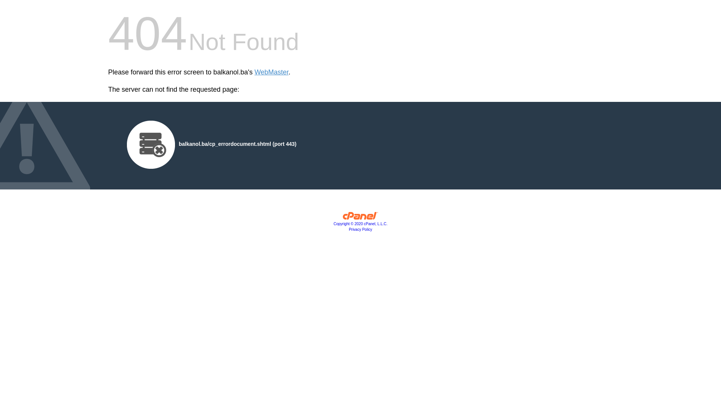  What do you see at coordinates (271, 72) in the screenshot?
I see `'WebMaster'` at bounding box center [271, 72].